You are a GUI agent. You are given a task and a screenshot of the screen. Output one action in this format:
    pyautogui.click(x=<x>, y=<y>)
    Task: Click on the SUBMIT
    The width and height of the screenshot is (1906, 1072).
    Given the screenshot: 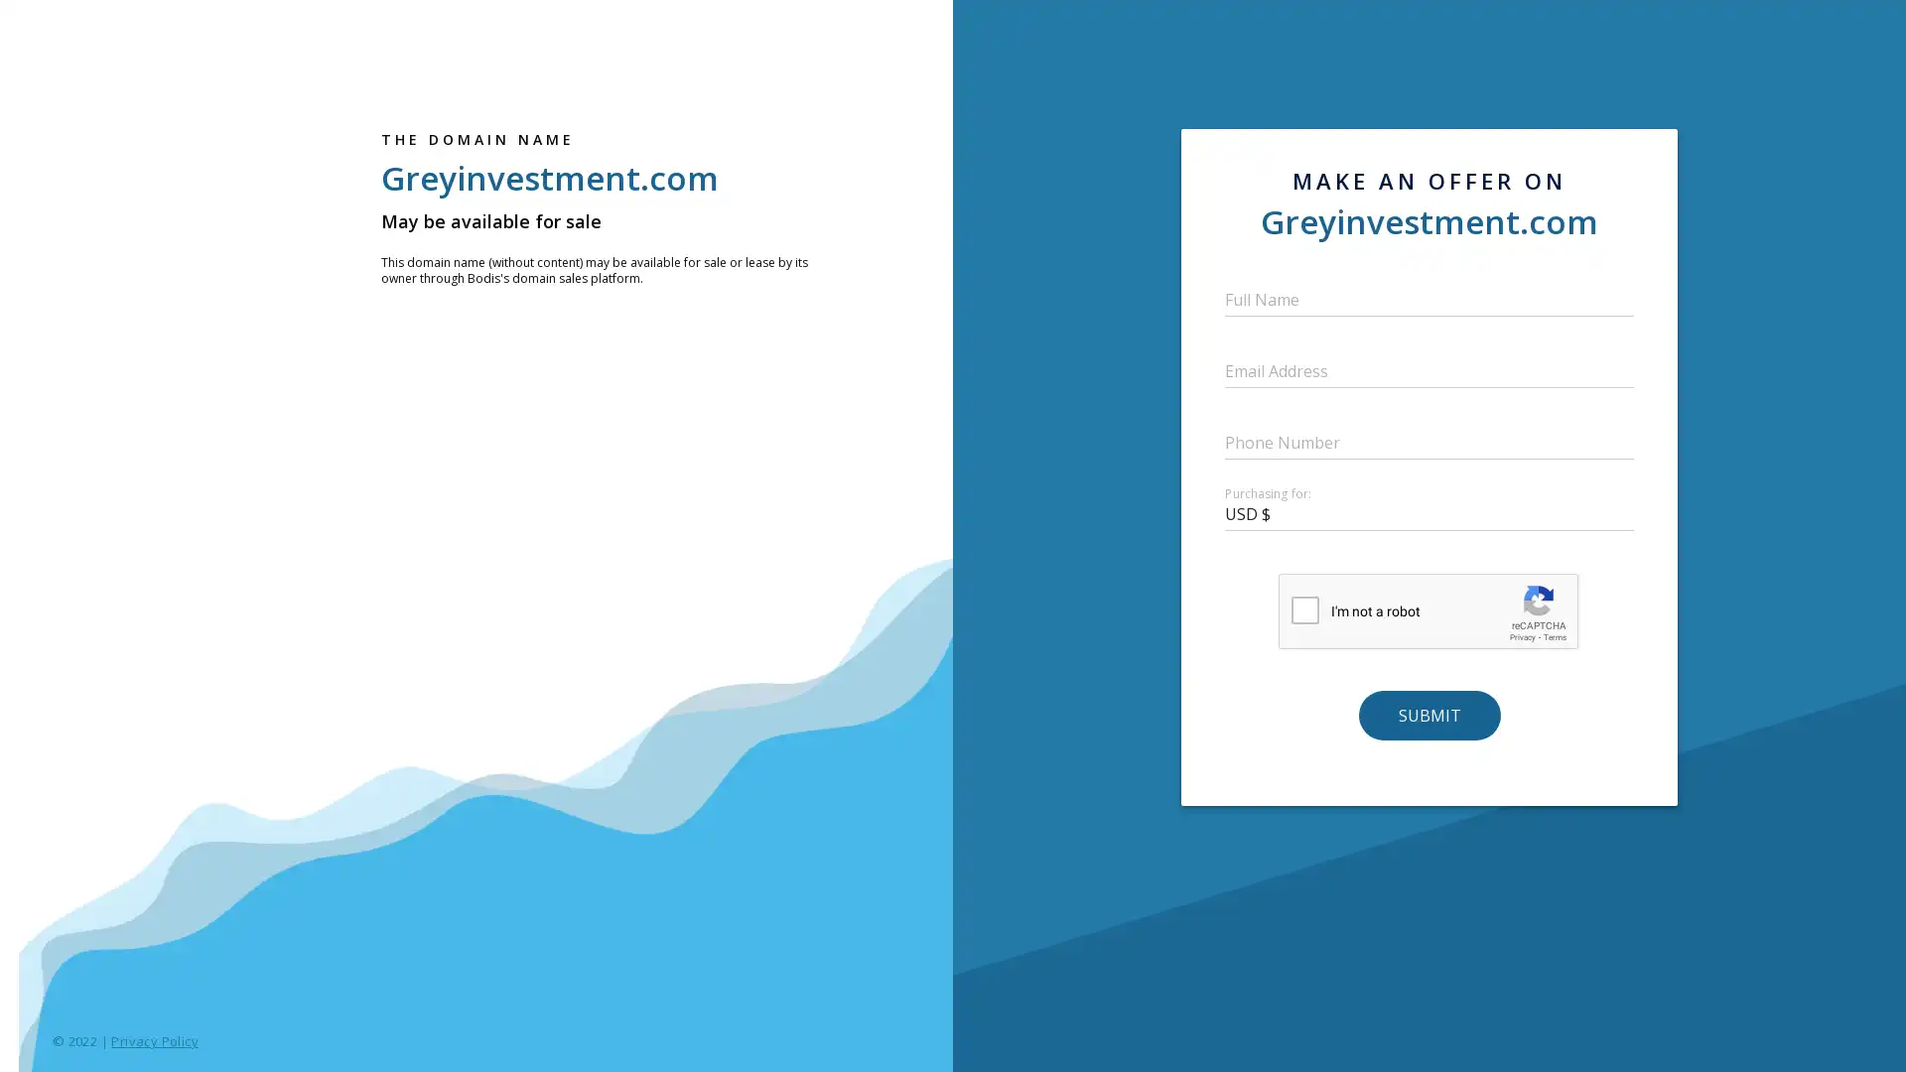 What is the action you would take?
    pyautogui.click(x=1428, y=715)
    